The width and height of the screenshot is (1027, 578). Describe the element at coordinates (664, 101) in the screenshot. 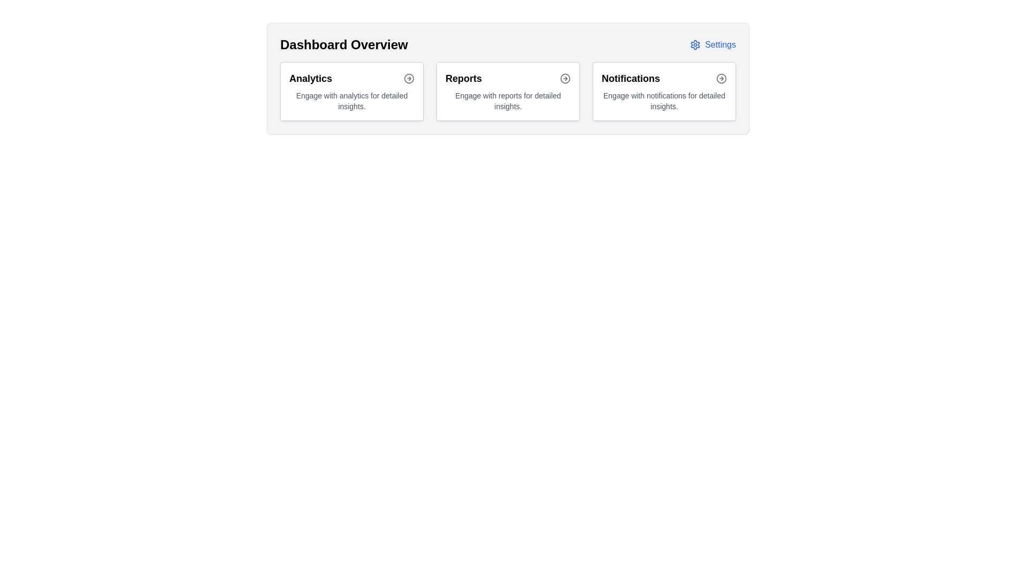

I see `informational text content located in the 'Notifications' section, which is positioned directly beneath the 'Notifications' heading` at that location.